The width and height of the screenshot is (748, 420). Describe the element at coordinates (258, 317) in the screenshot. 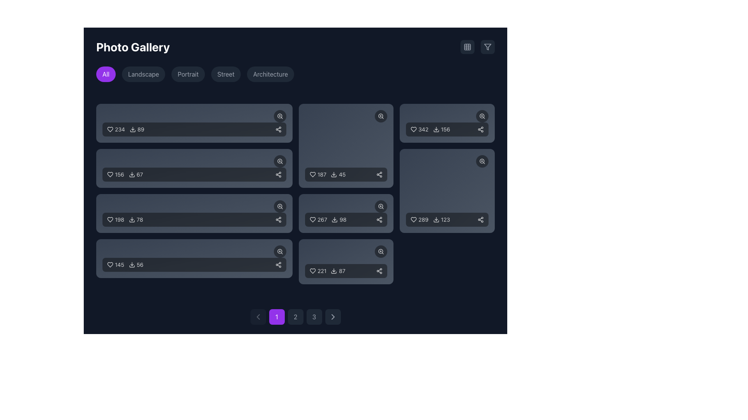

I see `the square button with a dark gray background and a leftward-pointing chevron icon, located at the bottom-left corner of the pagination controls` at that location.